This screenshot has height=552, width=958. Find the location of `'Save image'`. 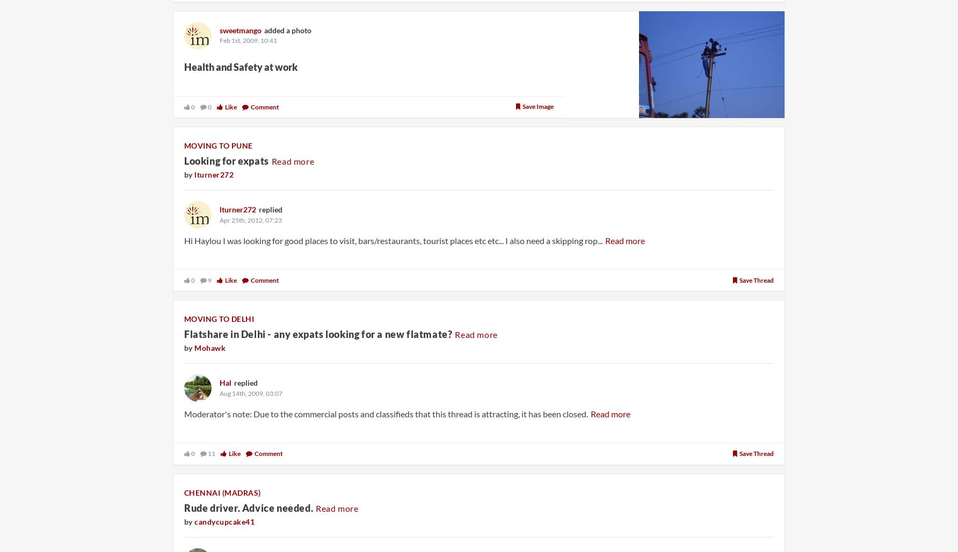

'Save image' is located at coordinates (538, 106).